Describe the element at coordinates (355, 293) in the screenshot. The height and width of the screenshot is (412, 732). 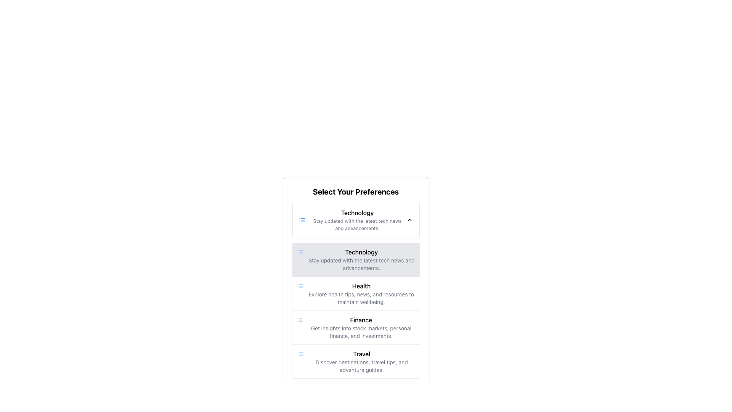
I see `the Interactive List Item labeled 'Health'` at that location.